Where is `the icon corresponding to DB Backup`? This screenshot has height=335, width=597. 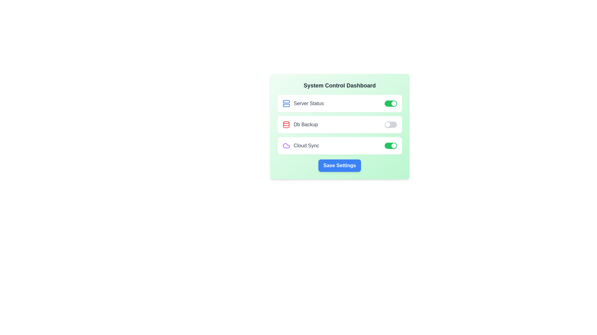
the icon corresponding to DB Backup is located at coordinates (286, 124).